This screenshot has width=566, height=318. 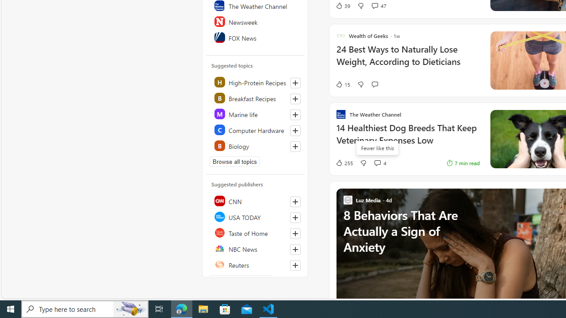 I want to click on 'Taste of Home', so click(x=255, y=232).